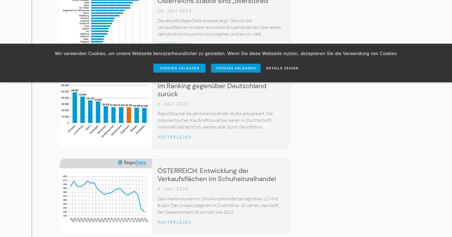 Image resolution: width=452 pixels, height=237 pixels. Describe the element at coordinates (157, 85) in the screenshot. I see `'ÖSTERREICH: Kaufkraft – Österreich fällt im Ranking gegenüber Deutschland zurück'` at that location.